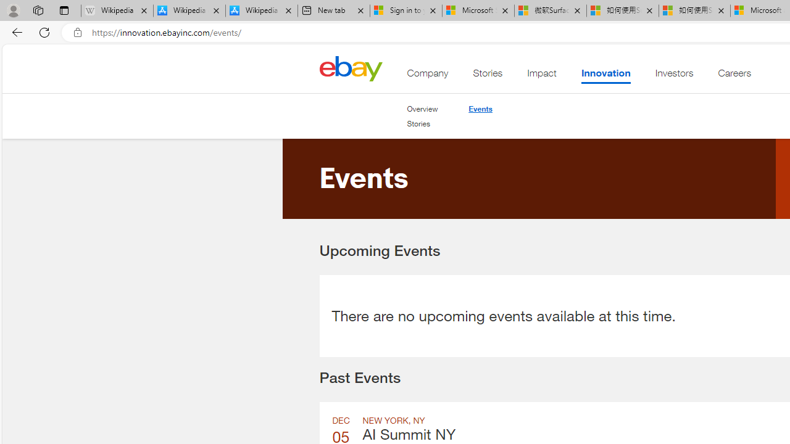 This screenshot has height=444, width=790. I want to click on 'Careers', so click(735, 76).